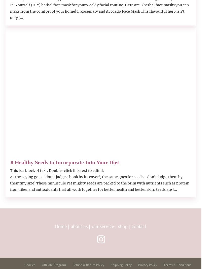  What do you see at coordinates (122, 226) in the screenshot?
I see `'shop'` at bounding box center [122, 226].